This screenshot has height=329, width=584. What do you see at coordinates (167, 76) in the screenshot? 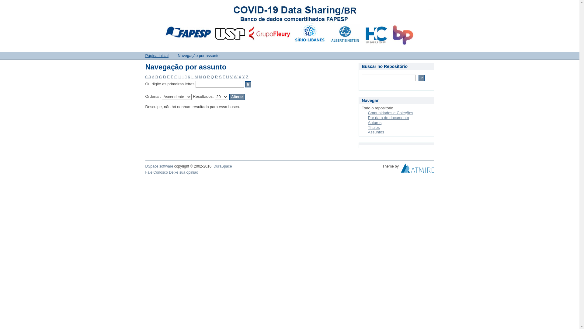
I see `'E'` at bounding box center [167, 76].